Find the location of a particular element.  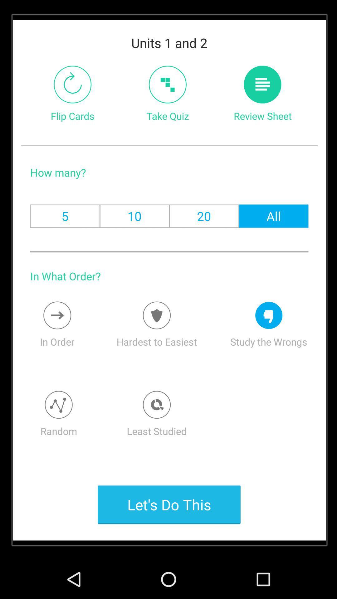

the item to the left of the hardest to easiest is located at coordinates (57, 315).